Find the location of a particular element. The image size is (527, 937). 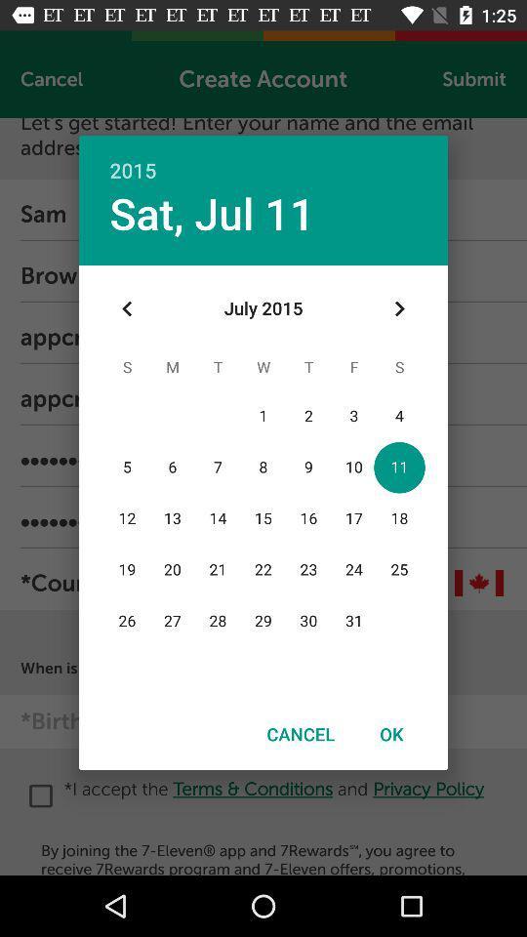

icon next to cancel item is located at coordinates (391, 733).